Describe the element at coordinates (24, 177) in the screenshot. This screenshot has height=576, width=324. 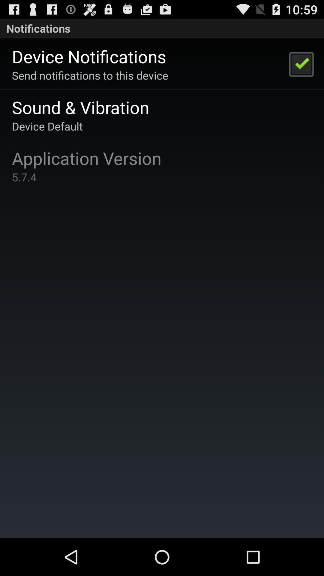
I see `5.7.4 icon` at that location.